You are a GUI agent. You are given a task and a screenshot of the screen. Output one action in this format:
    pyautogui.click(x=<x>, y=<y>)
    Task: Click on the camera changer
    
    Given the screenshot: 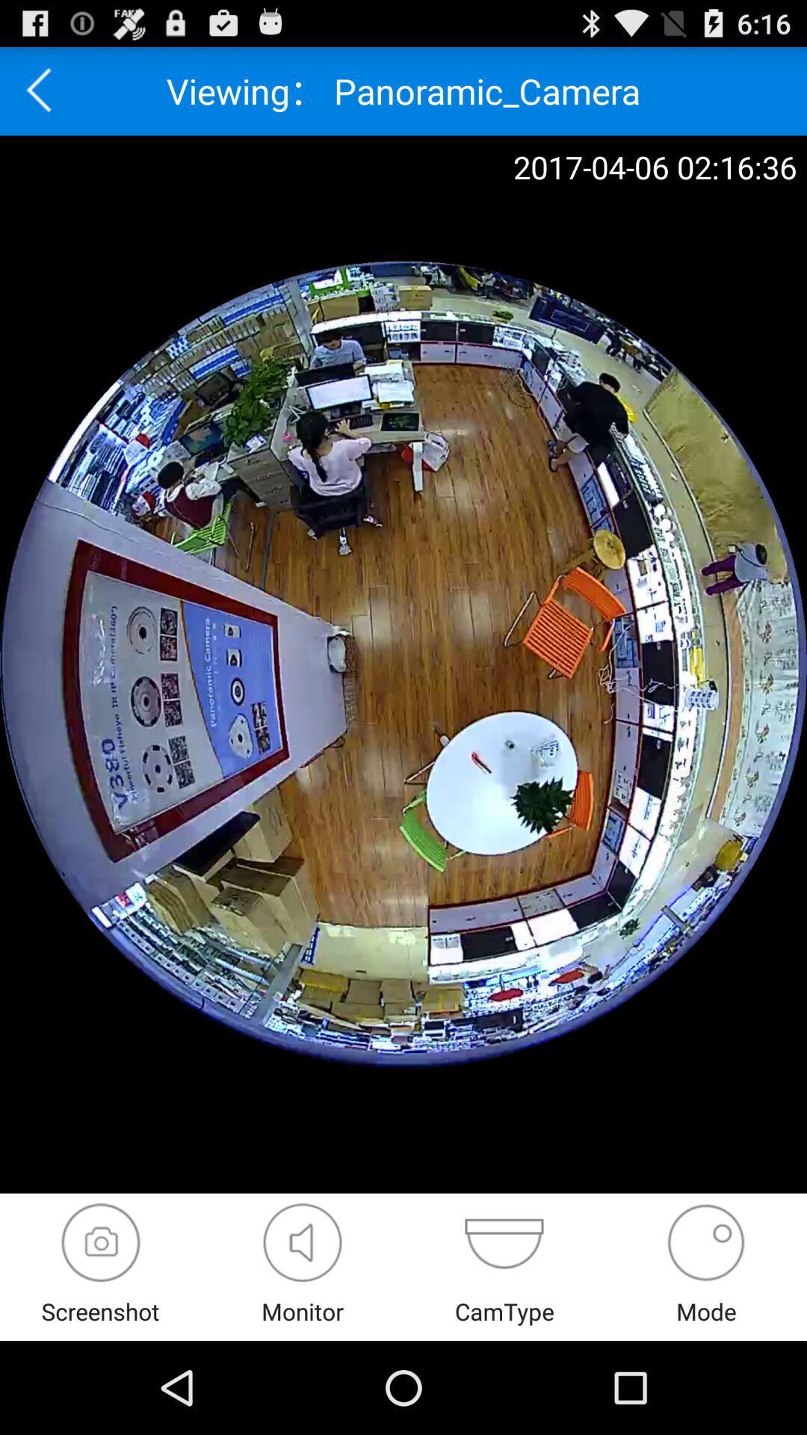 What is the action you would take?
    pyautogui.click(x=504, y=1242)
    